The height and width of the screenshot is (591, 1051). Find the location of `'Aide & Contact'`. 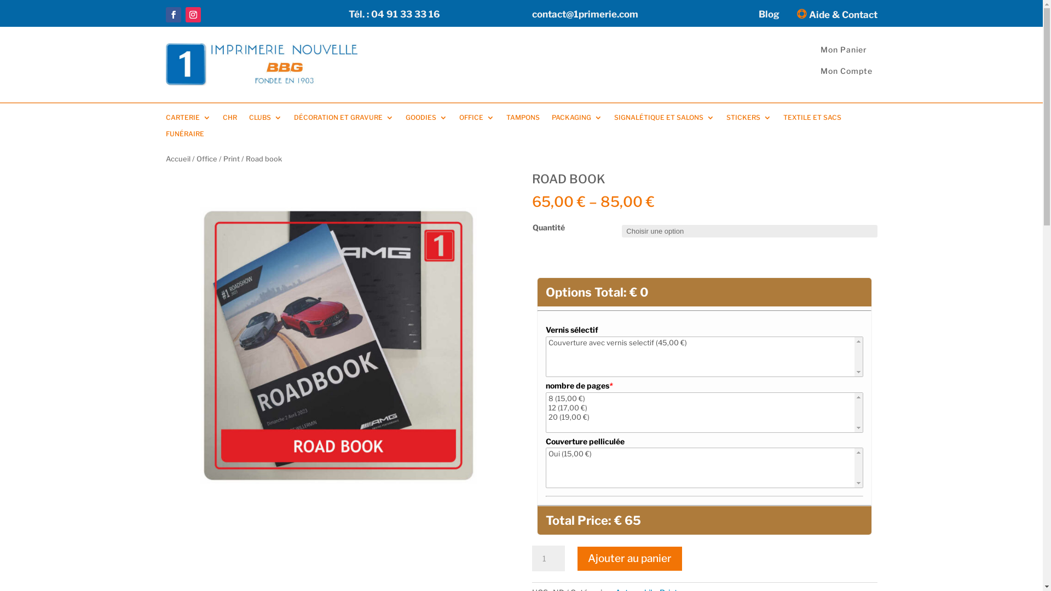

'Aide & Contact' is located at coordinates (834, 16).